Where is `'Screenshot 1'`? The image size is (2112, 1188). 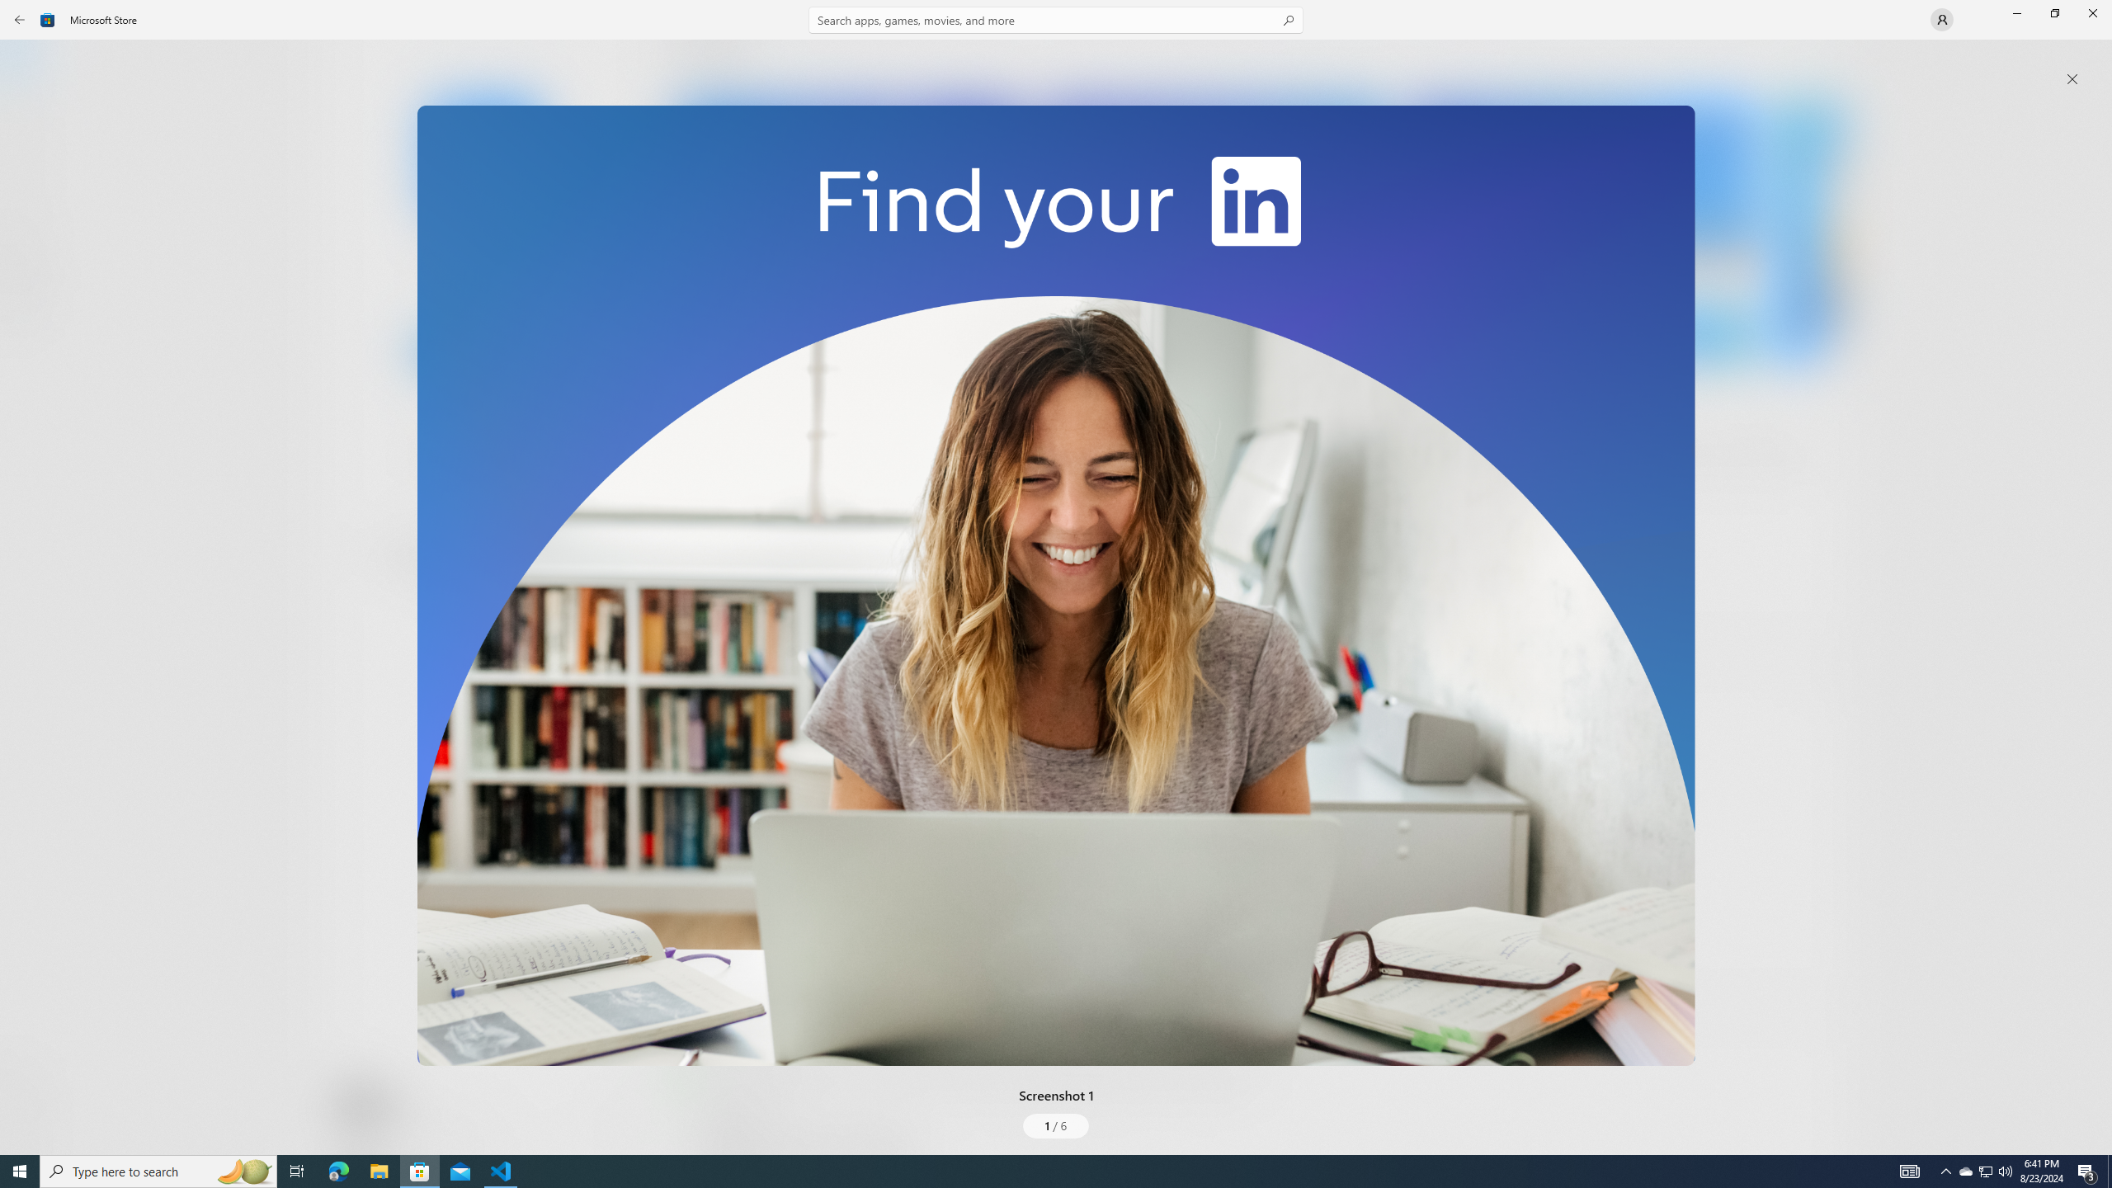 'Screenshot 1' is located at coordinates (1056, 584).